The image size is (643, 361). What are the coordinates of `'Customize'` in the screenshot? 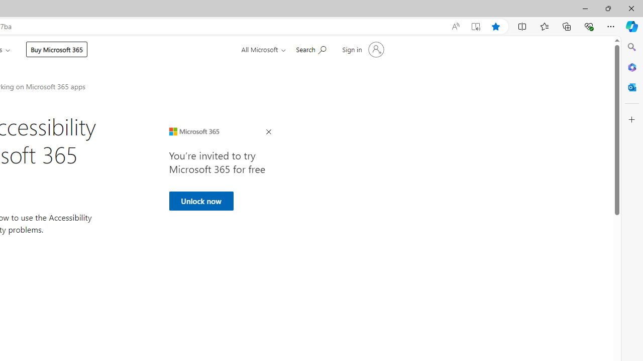 It's located at (631, 119).